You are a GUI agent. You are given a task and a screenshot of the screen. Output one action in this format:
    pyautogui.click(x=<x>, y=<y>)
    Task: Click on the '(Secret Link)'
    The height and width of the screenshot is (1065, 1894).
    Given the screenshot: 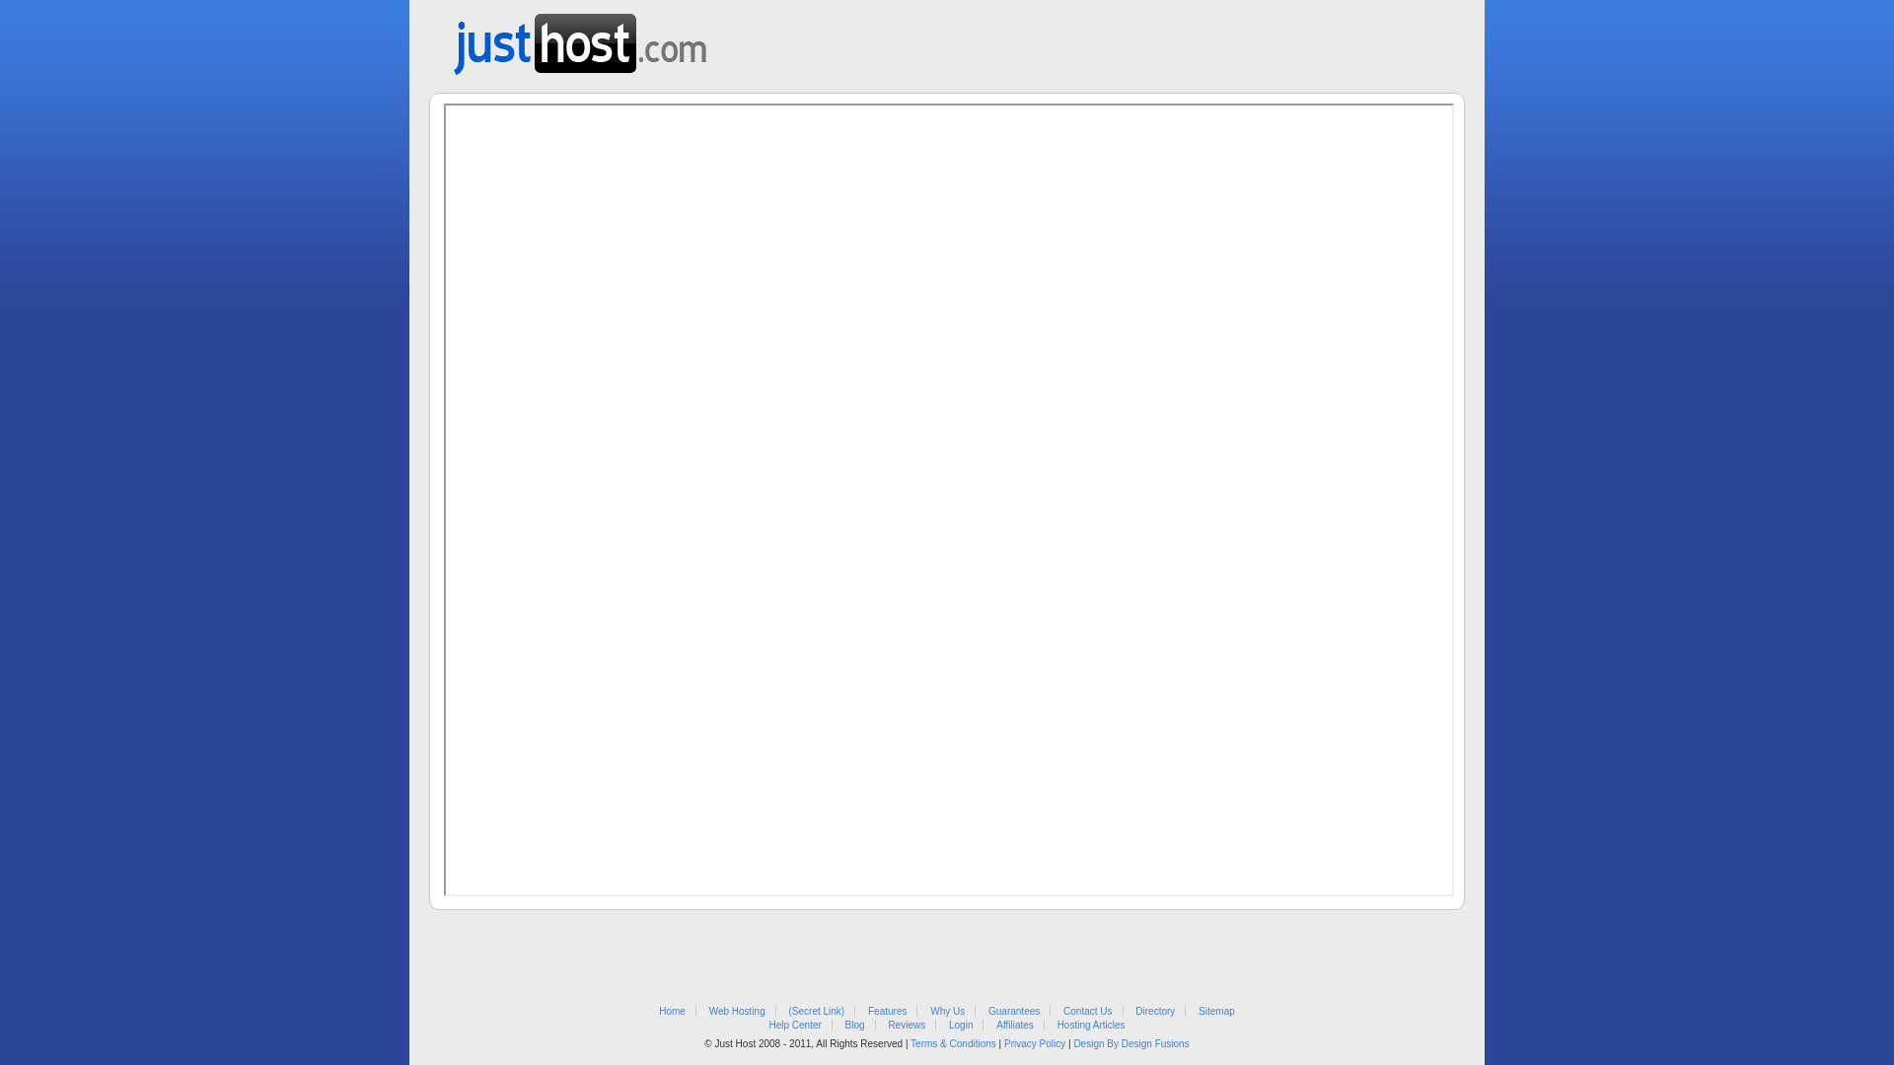 What is the action you would take?
    pyautogui.click(x=789, y=1011)
    